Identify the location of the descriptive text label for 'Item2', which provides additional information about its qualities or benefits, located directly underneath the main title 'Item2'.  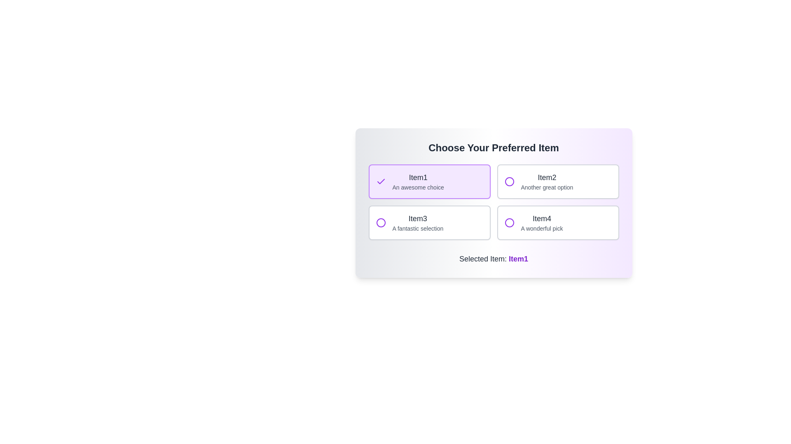
(547, 187).